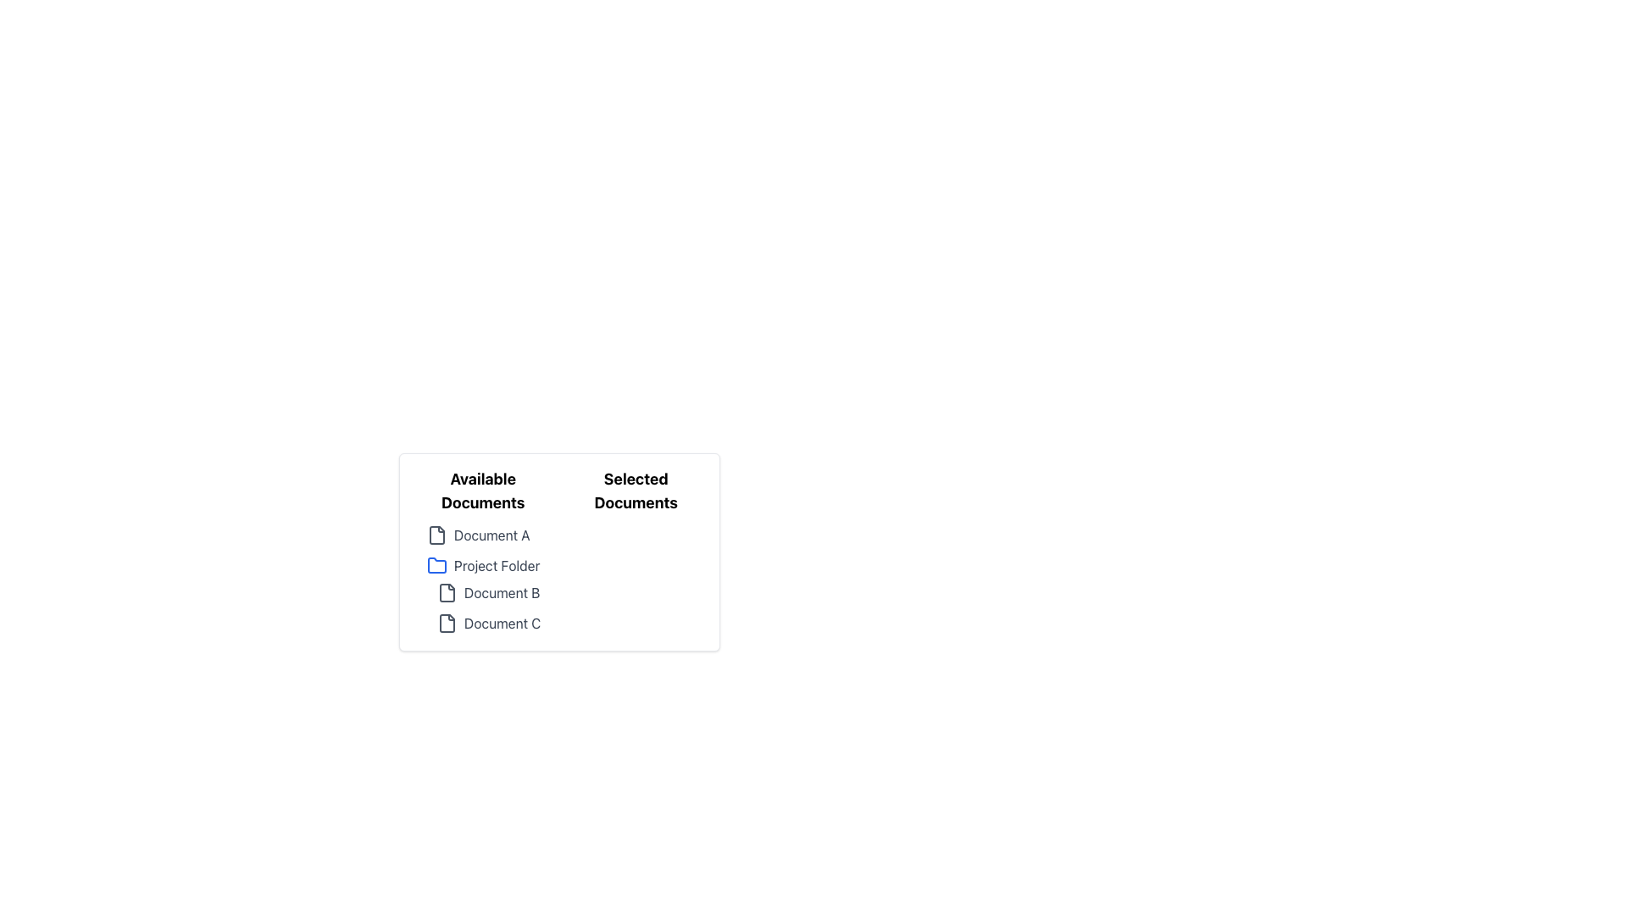  What do you see at coordinates (492, 591) in the screenshot?
I see `to select the list item labeled 'Document B' under the 'Available Documents' column in the interface` at bounding box center [492, 591].